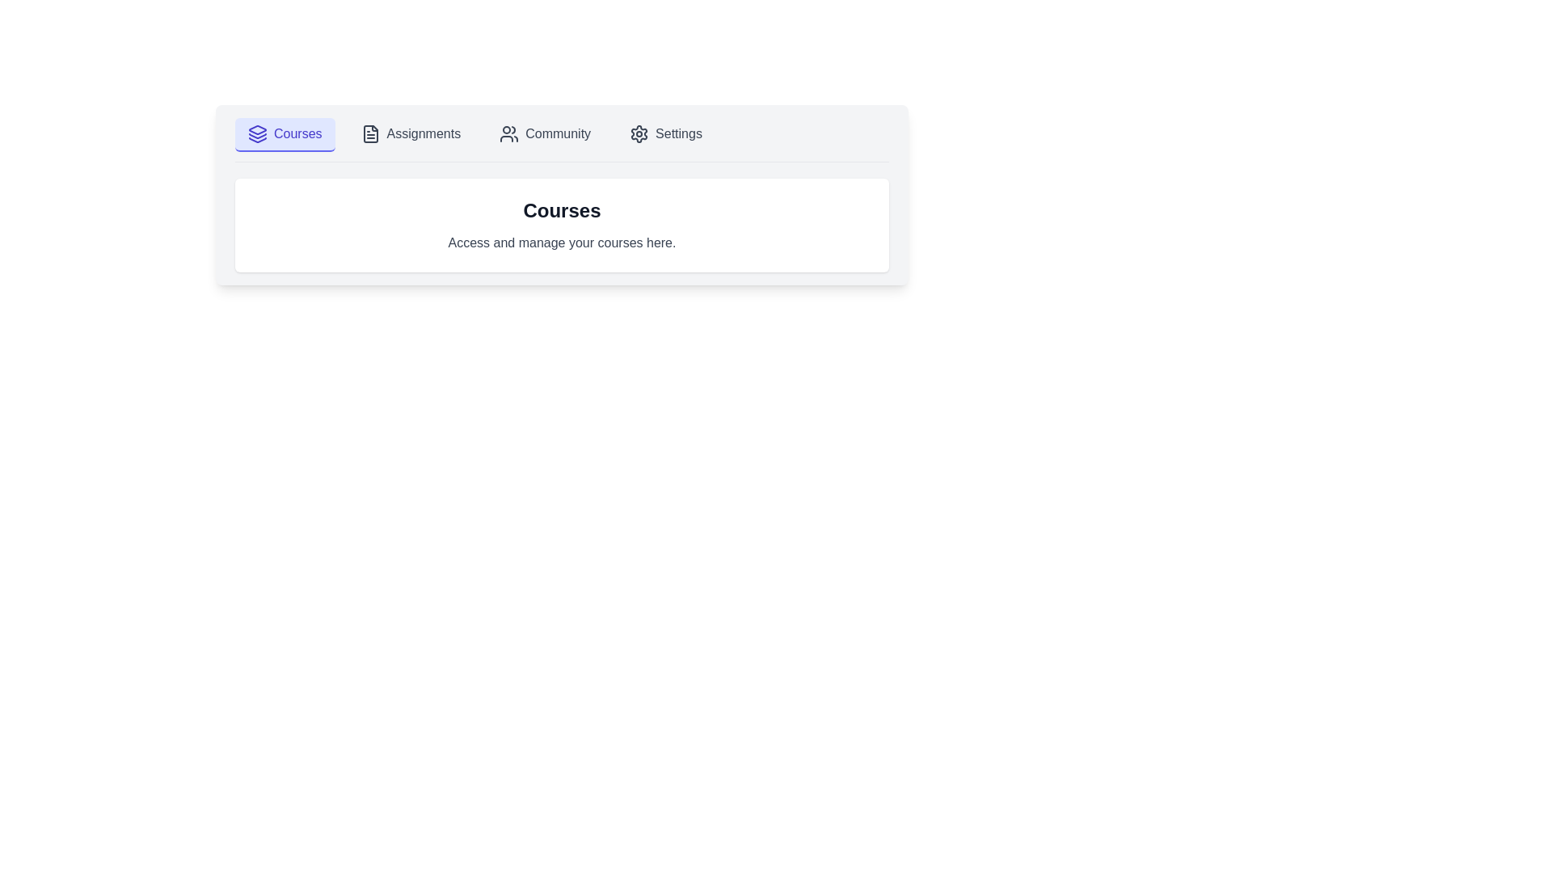 Image resolution: width=1552 pixels, height=873 pixels. I want to click on the icon resembling a group of people located in the navigation menu bar next to the 'Community' text, so click(508, 133).